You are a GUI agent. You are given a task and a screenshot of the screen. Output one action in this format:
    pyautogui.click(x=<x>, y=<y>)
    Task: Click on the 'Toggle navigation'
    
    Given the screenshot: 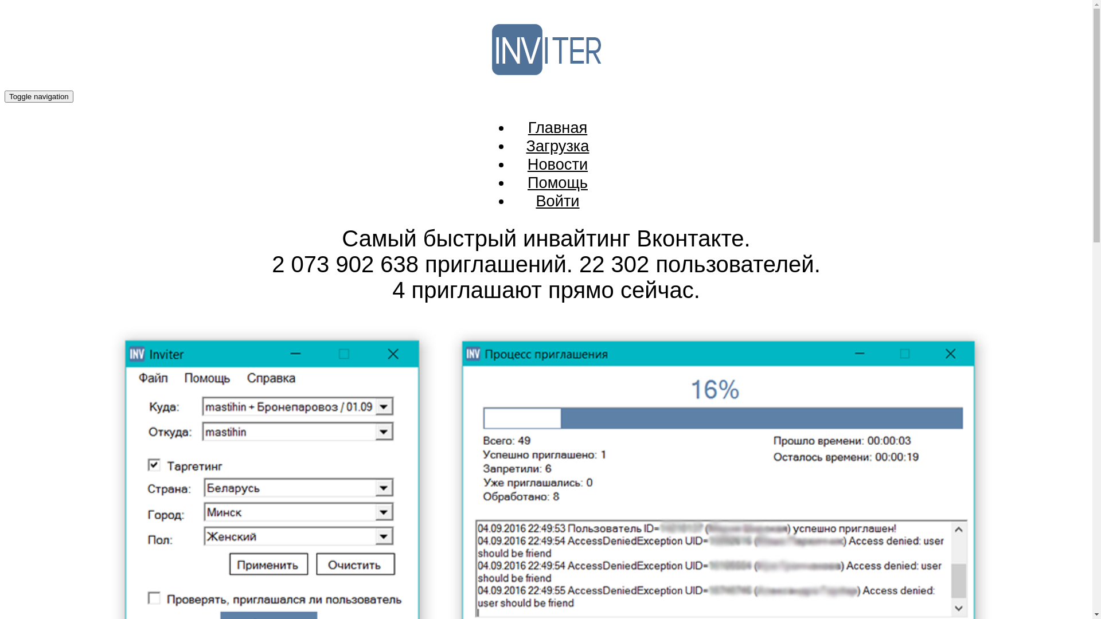 What is the action you would take?
    pyautogui.click(x=38, y=96)
    